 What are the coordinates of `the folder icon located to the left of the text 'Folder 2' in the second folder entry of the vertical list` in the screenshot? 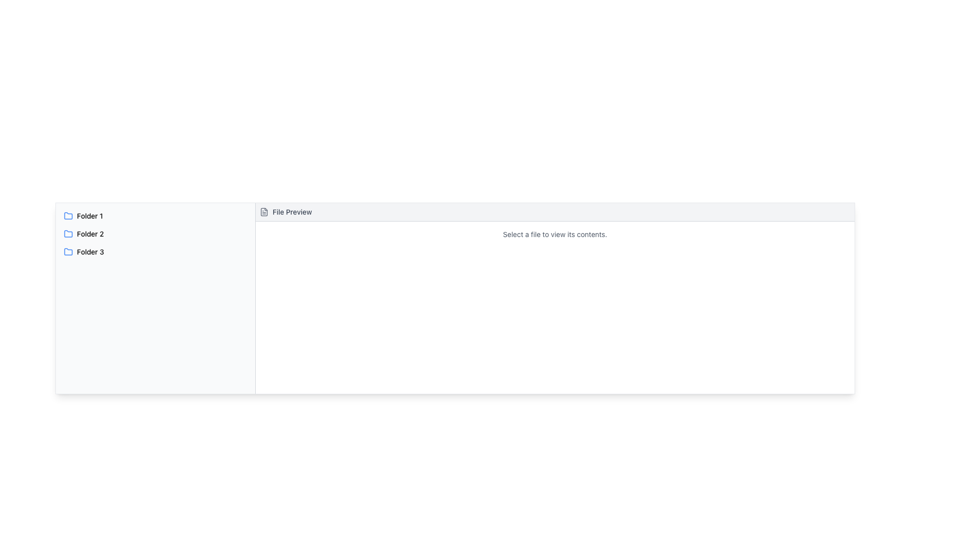 It's located at (68, 234).